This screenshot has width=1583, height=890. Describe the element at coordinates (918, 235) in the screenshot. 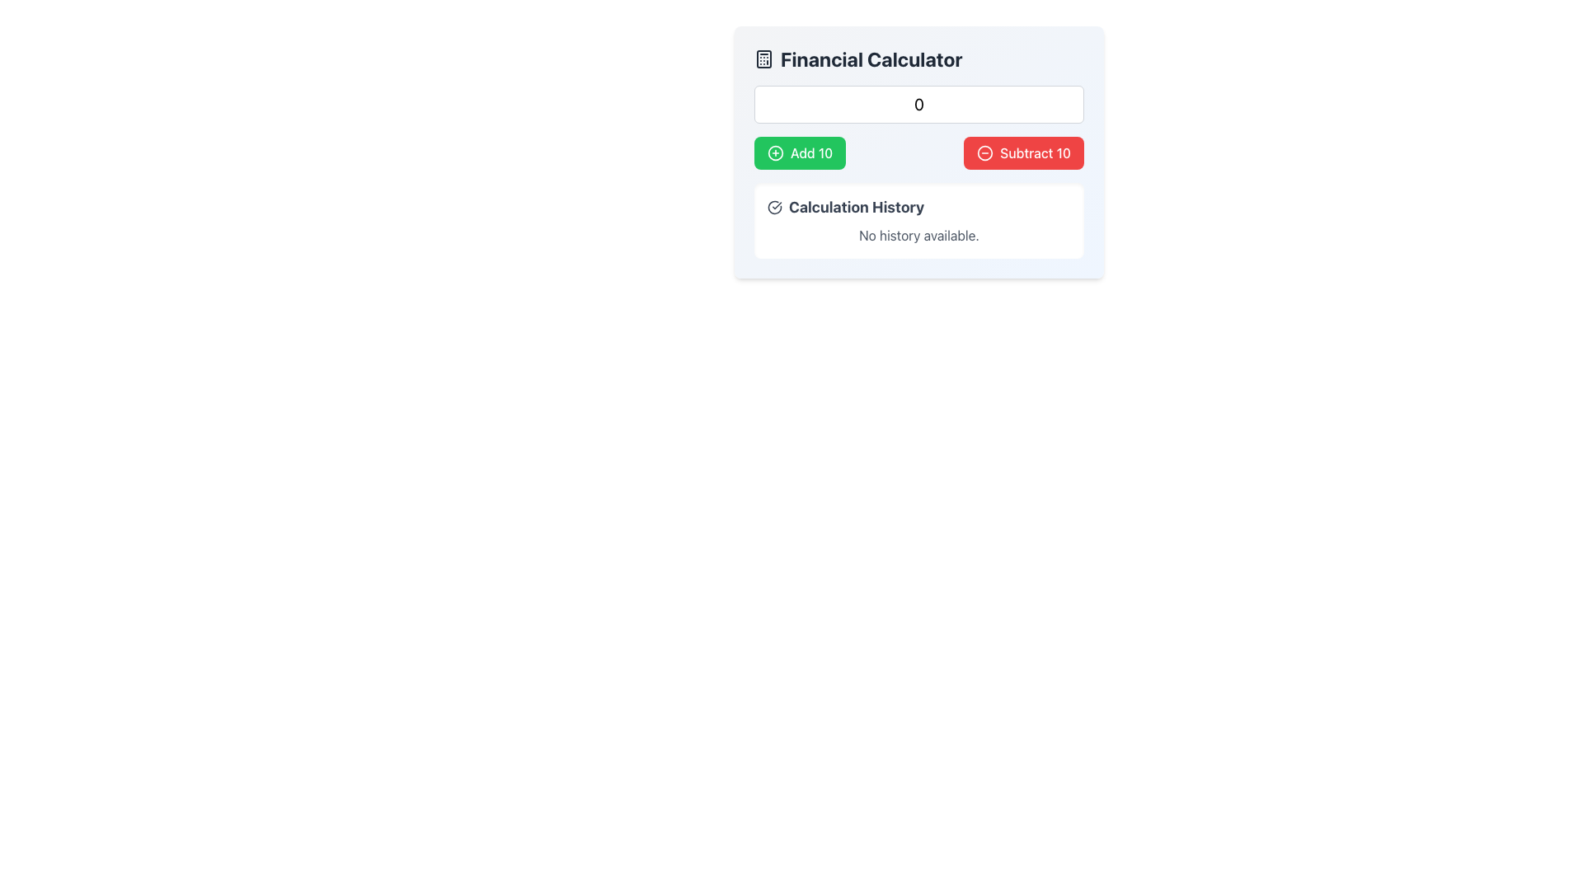

I see `the informational label indicating the absence of historical calculation records located at the bottom of the 'Calculation History' section` at that location.